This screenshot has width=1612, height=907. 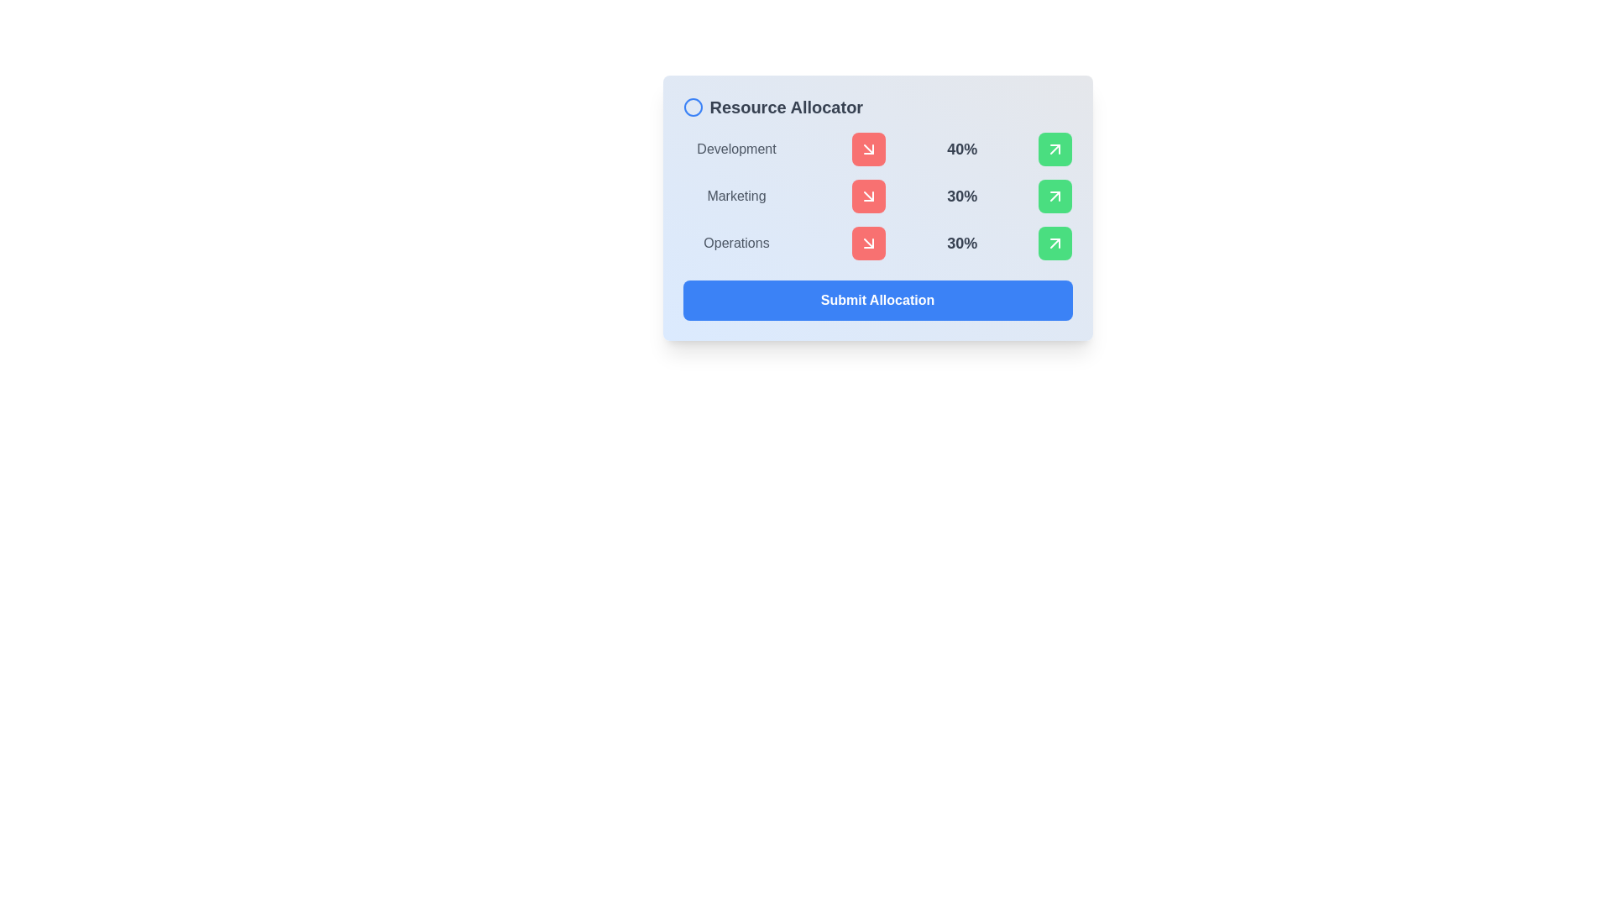 I want to click on the 'Marketing' interactive list row, so click(x=877, y=196).